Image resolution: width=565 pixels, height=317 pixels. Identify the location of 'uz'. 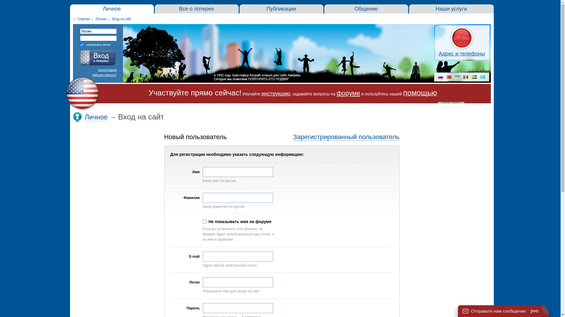
(474, 77).